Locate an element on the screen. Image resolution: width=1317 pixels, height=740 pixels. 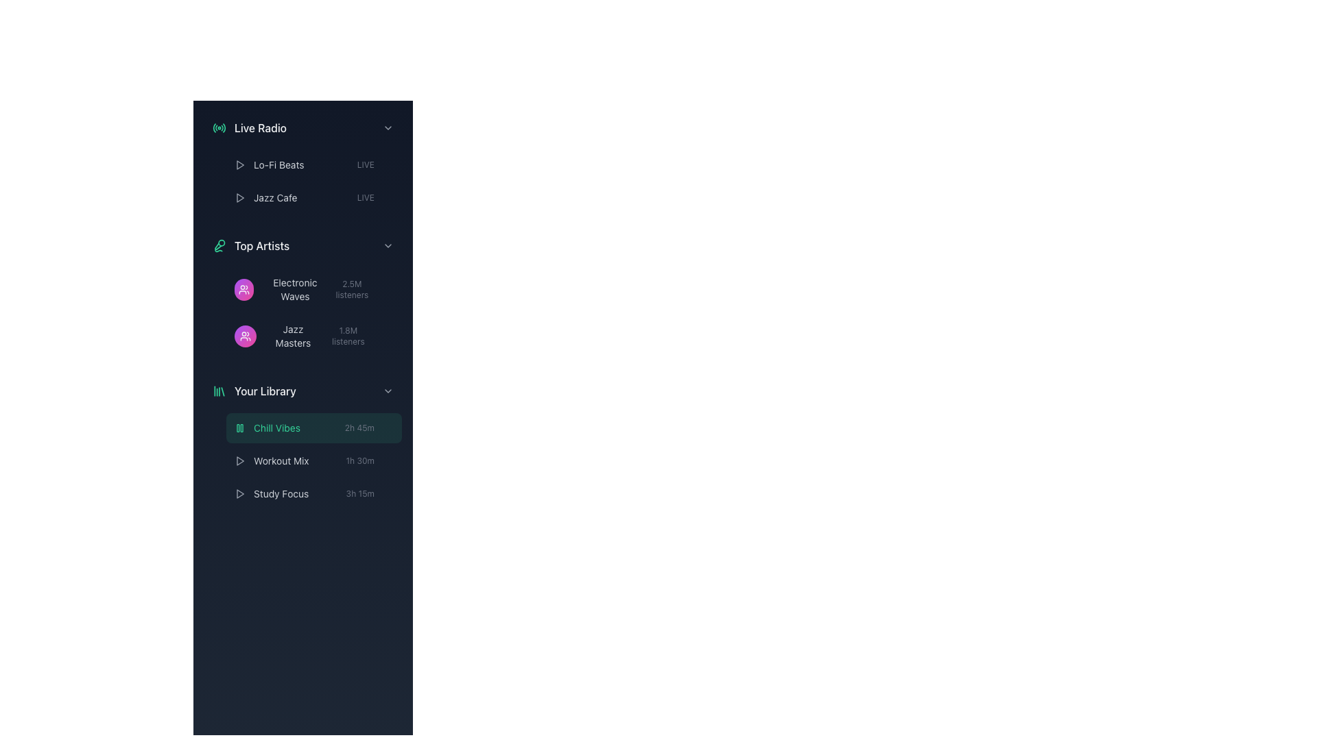
the 'Electronic Waves' icon, which is the first icon under the 'Top Artists' section, located to the left of the text 'Electronic Waves' is located at coordinates (244, 289).